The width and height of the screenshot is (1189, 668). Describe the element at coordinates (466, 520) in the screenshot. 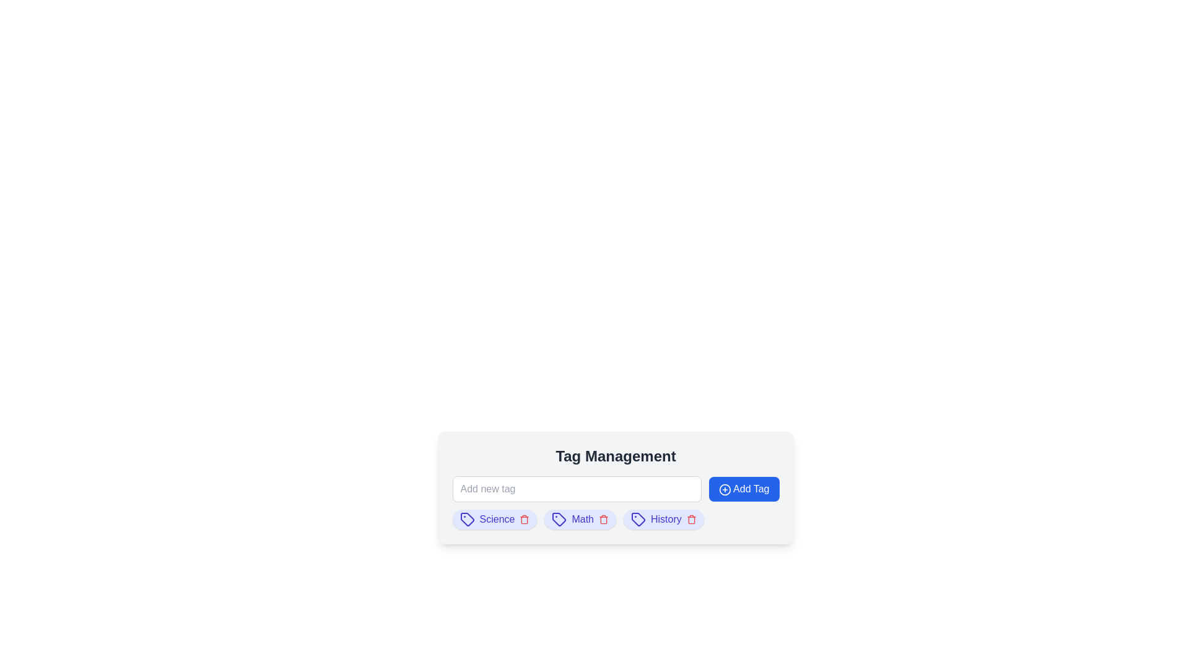

I see `icon representing a tag or category located in the first position under 'Tag Management.'` at that location.